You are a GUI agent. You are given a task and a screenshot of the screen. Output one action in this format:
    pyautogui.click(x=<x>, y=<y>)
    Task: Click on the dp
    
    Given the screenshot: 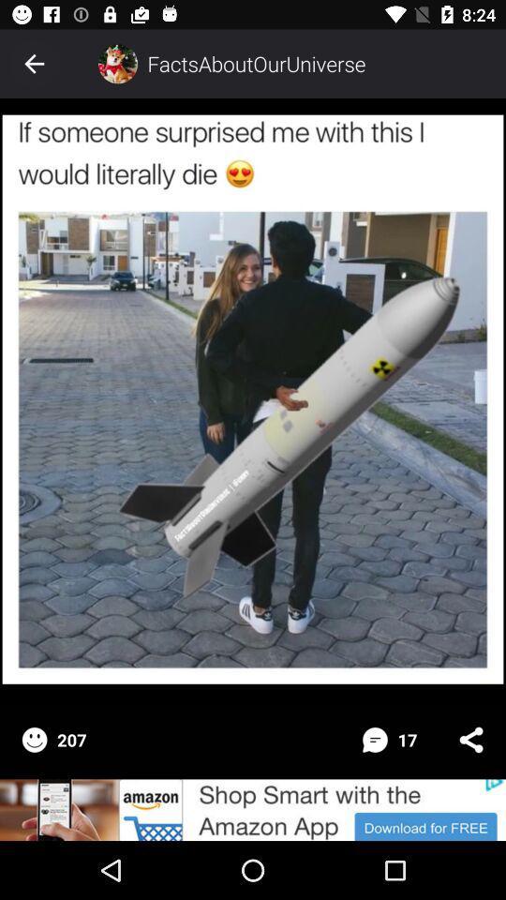 What is the action you would take?
    pyautogui.click(x=117, y=64)
    